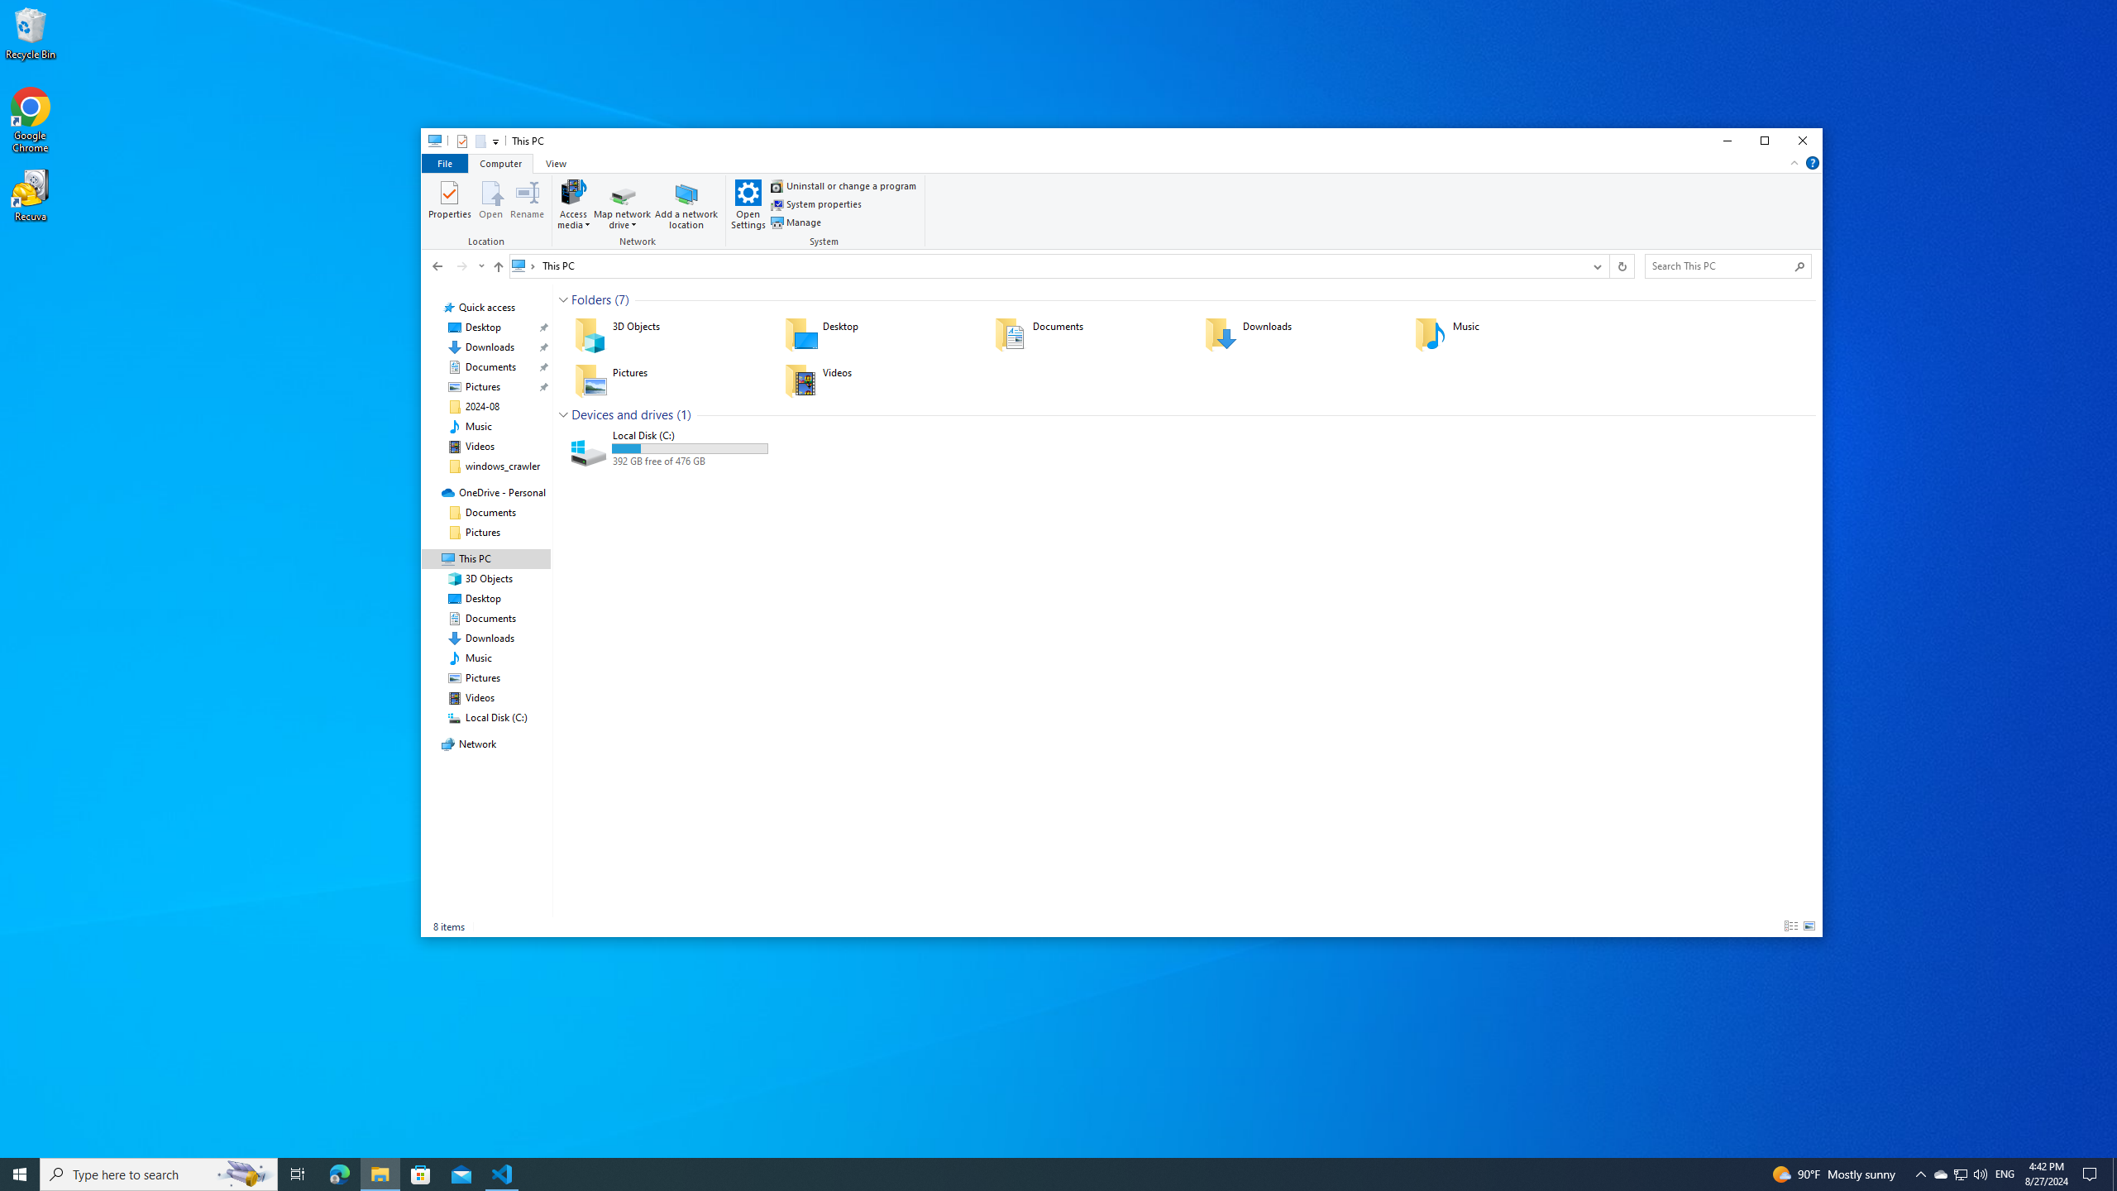 The width and height of the screenshot is (2117, 1191). What do you see at coordinates (461, 265) in the screenshot?
I see `'Forward (Alt + Right Arrow)'` at bounding box center [461, 265].